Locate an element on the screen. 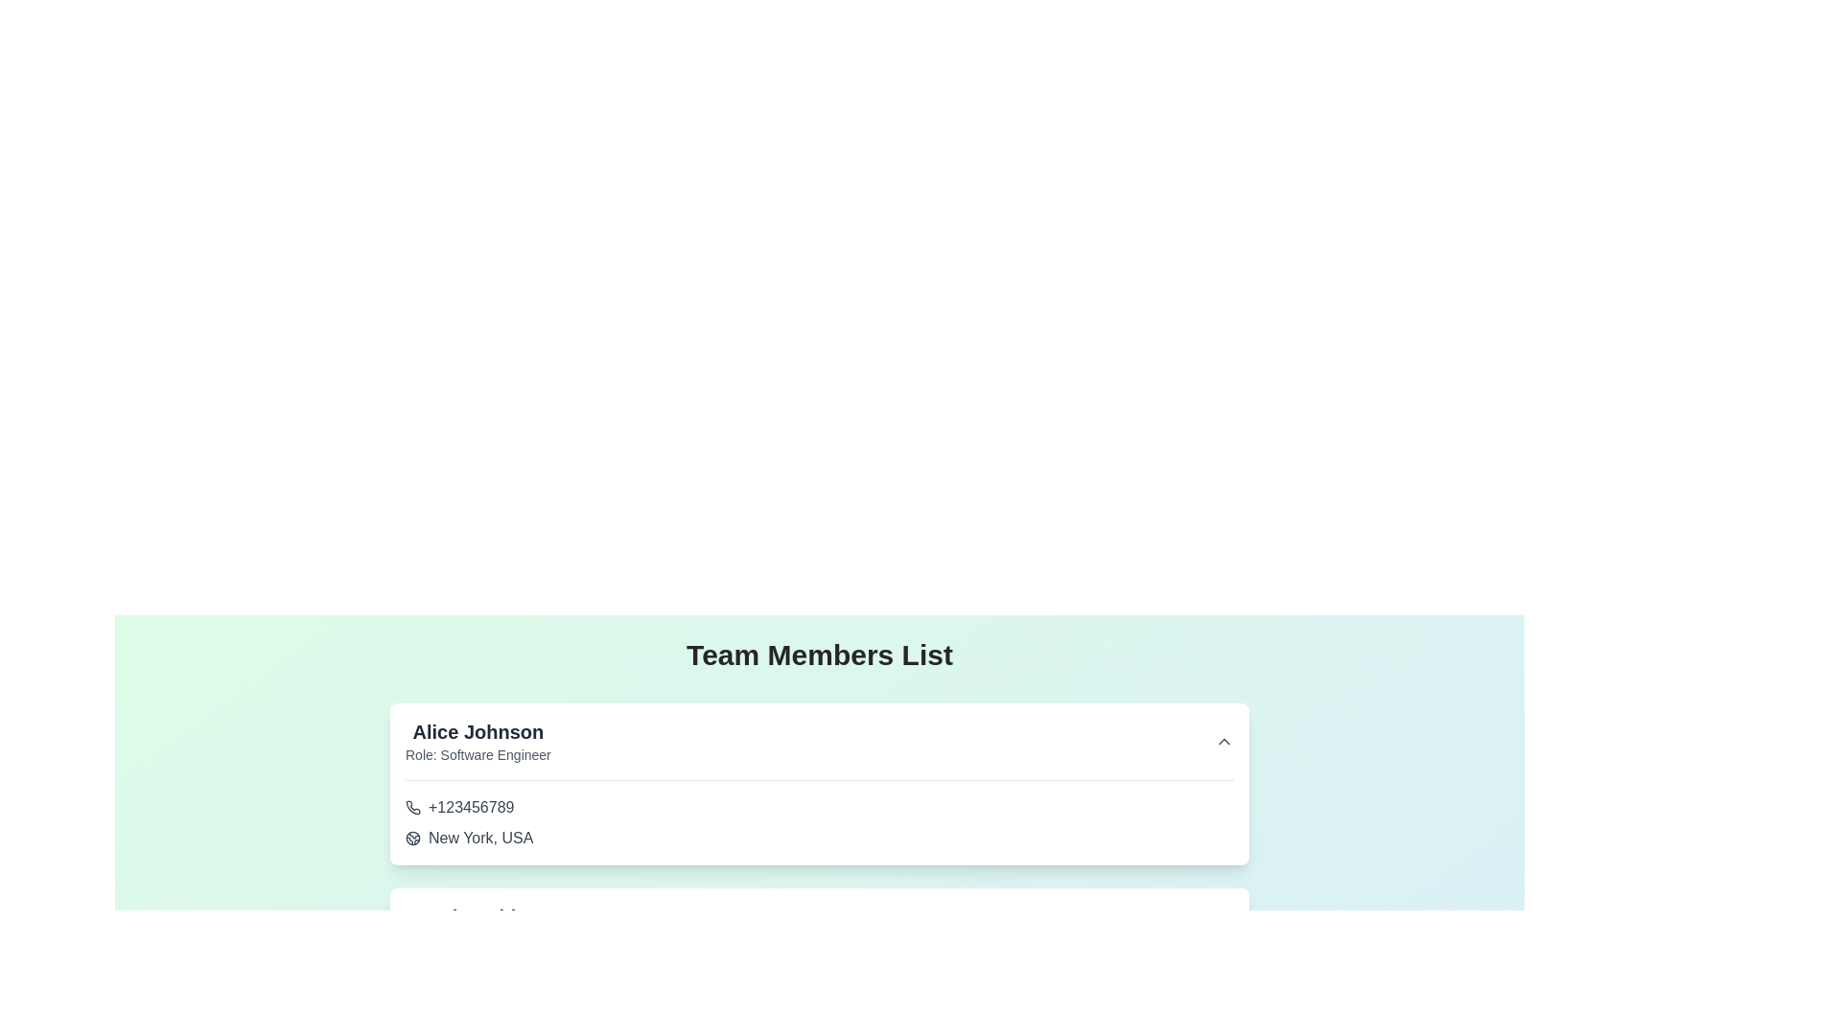  the geography-related icon located to the left of the text 'New York, USA' is located at coordinates (412, 838).